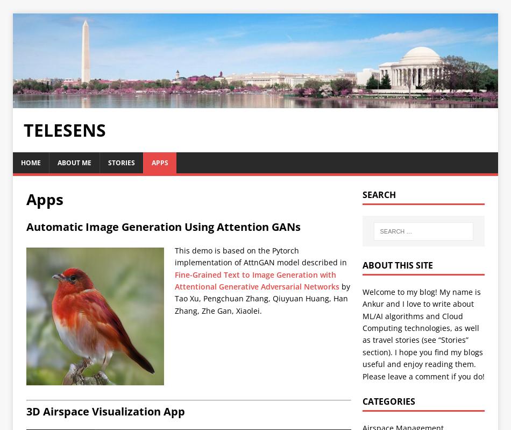 This screenshot has width=511, height=430. I want to click on 'About This Site', so click(396, 265).